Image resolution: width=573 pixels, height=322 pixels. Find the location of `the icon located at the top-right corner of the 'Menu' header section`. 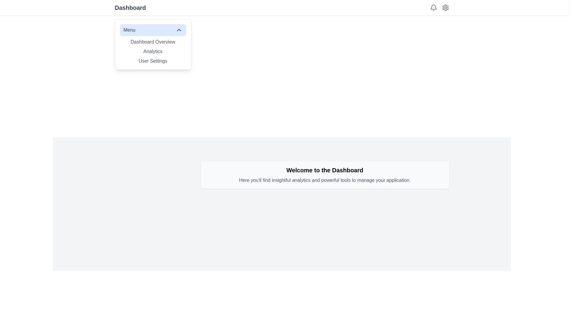

the icon located at the top-right corner of the 'Menu' header section is located at coordinates (178, 30).